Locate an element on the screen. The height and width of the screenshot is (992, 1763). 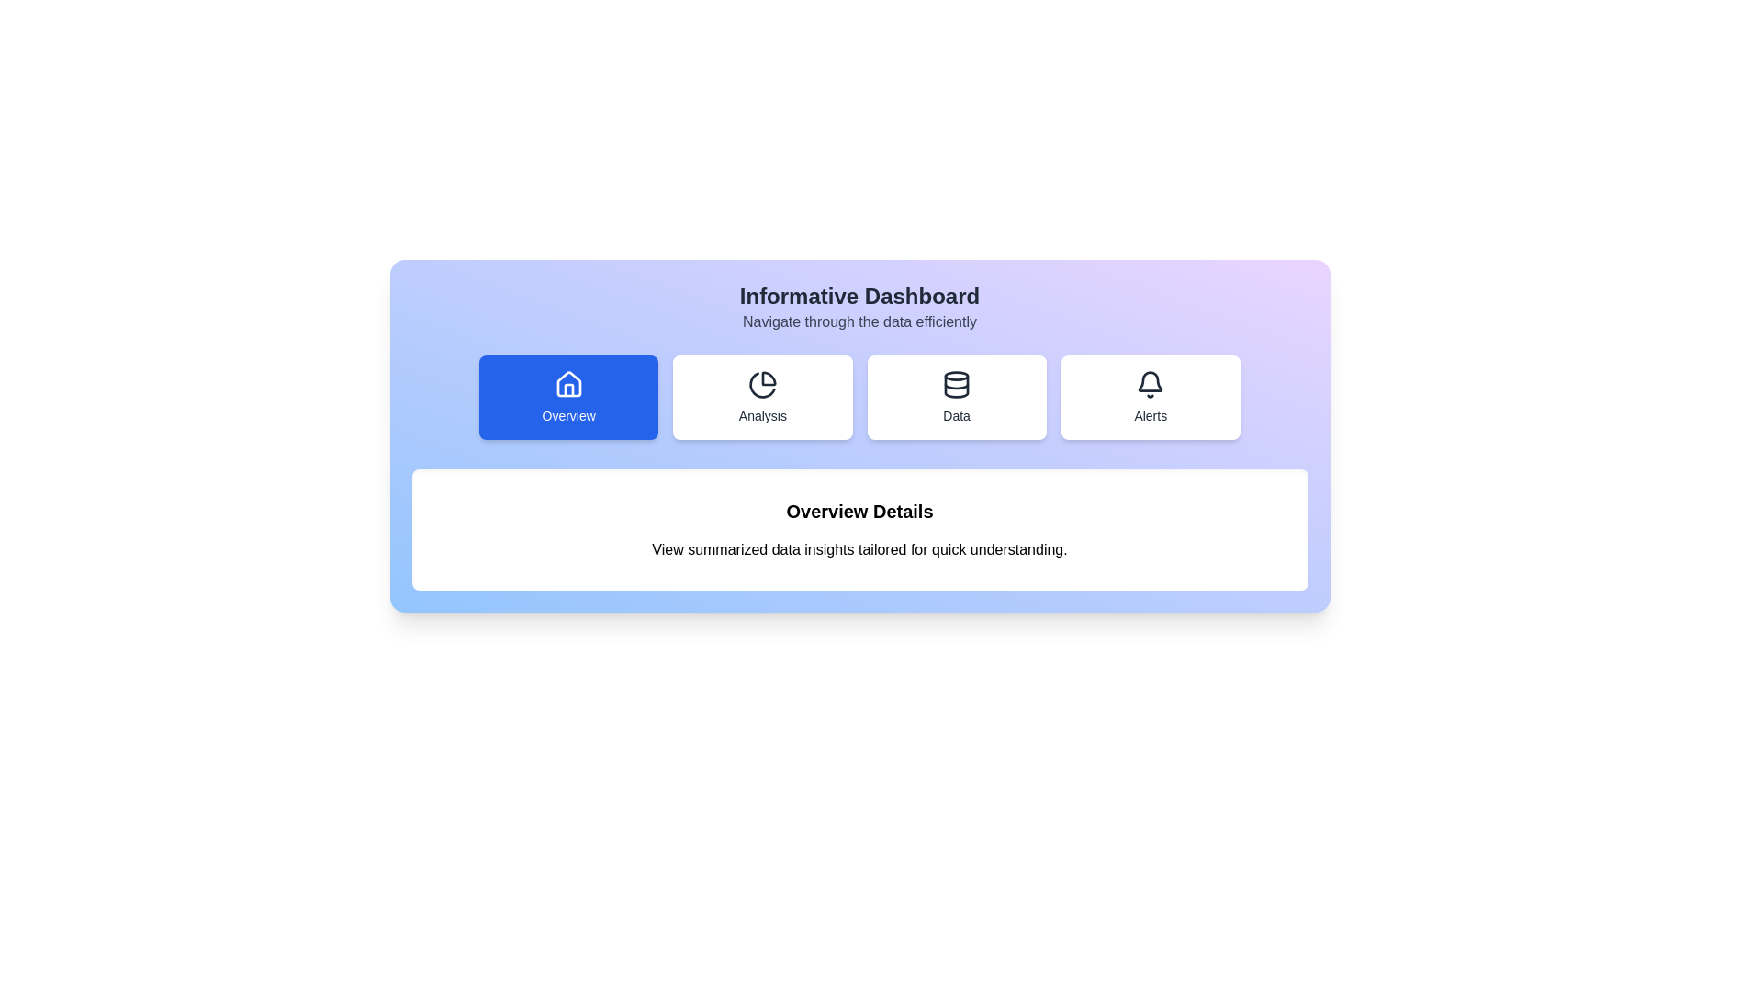
the text label displaying 'Data' located at the bottom center of its card, which is the third card in a horizontal set, positioned between 'Analysis' and 'Alerts' is located at coordinates (956, 415).